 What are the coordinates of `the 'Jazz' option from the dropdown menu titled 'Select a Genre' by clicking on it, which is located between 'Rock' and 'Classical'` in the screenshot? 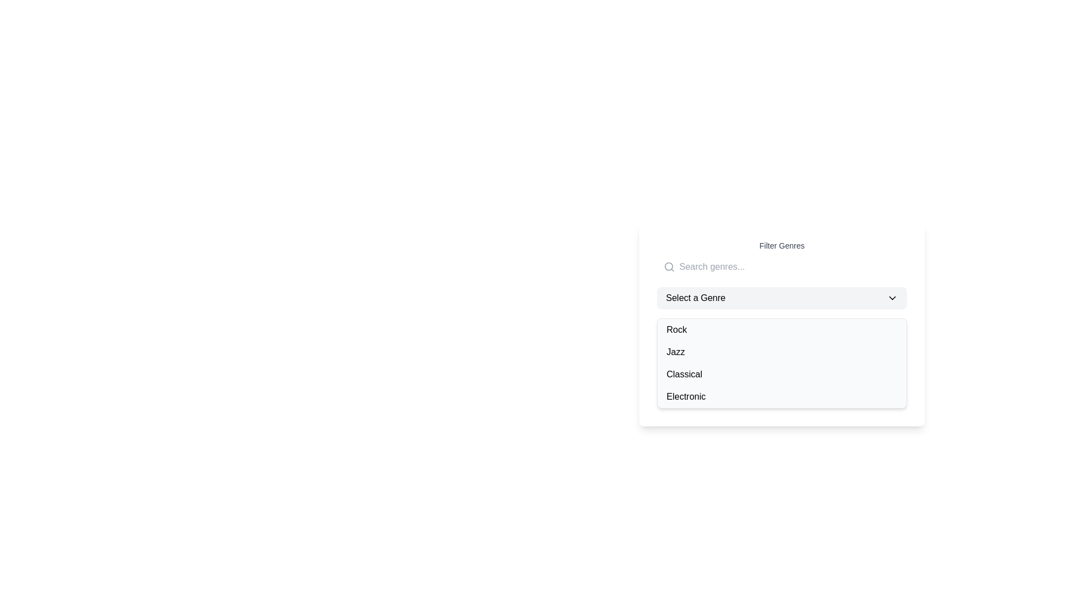 It's located at (675, 352).